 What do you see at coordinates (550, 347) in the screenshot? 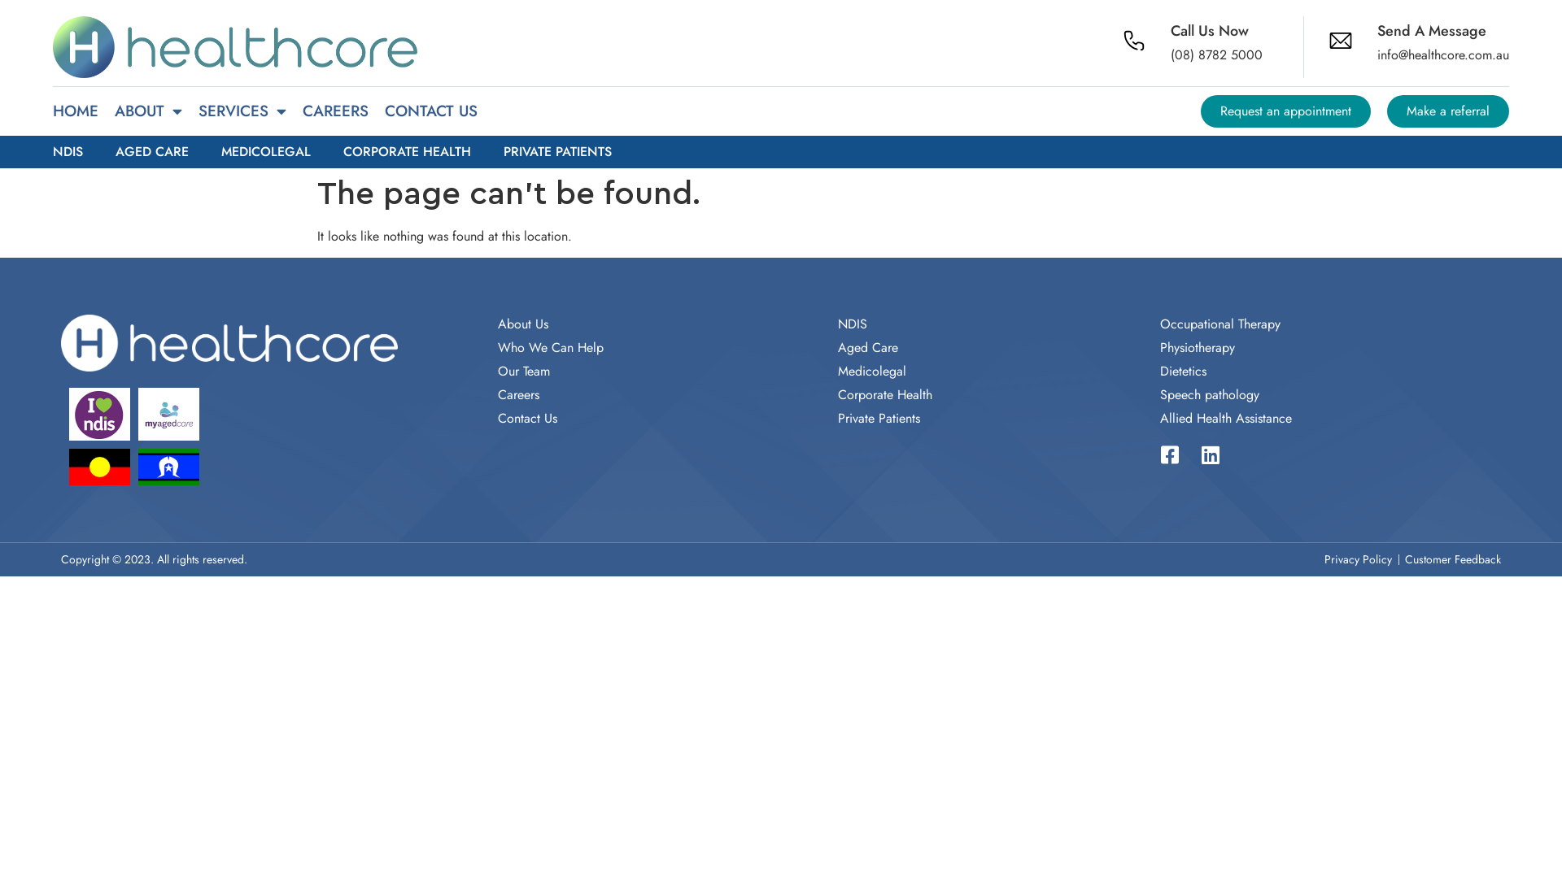
I see `'Who We Can Help'` at bounding box center [550, 347].